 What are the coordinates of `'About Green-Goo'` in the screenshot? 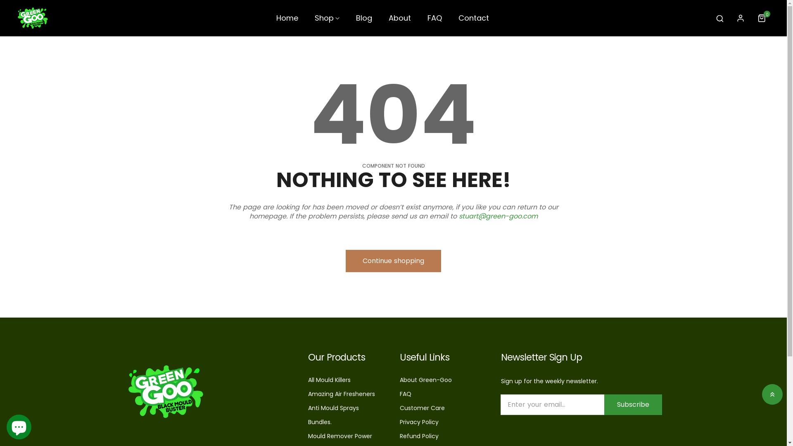 It's located at (426, 380).